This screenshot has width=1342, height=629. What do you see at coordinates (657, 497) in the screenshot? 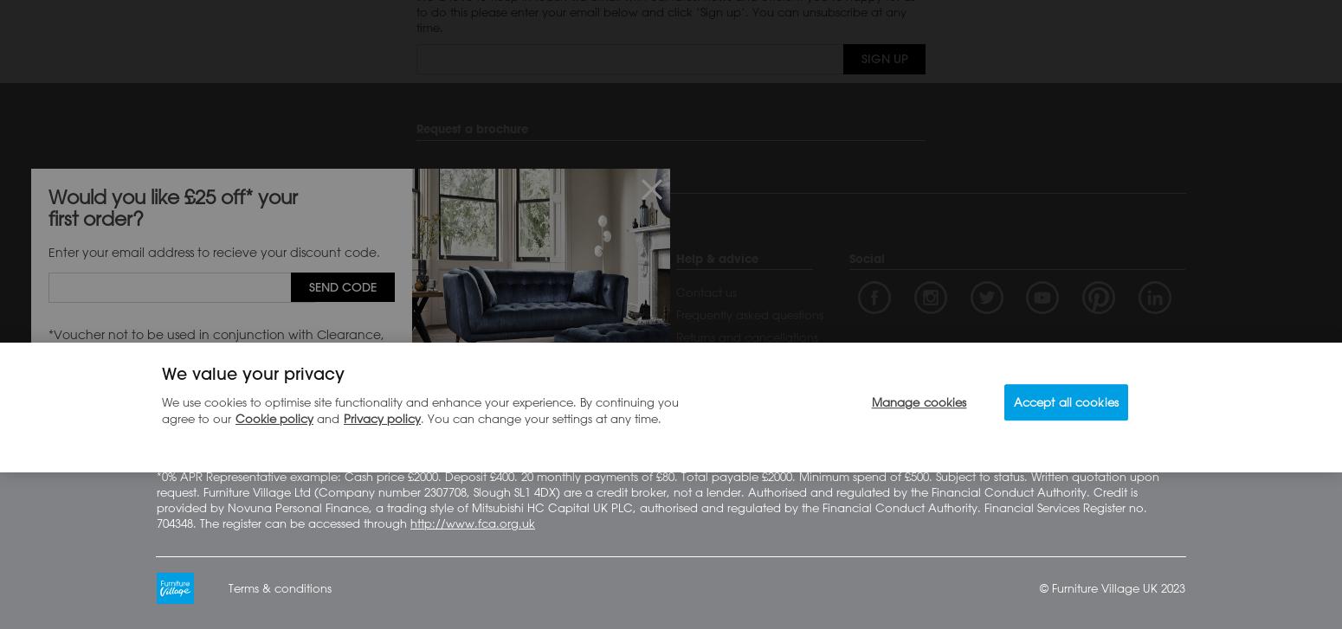
I see `'*0% APR Representative example: Cash price £2000. Deposit £400. 20 monthly payments
of £80. Total payable £2000. Minimum spend of £500. Subject to status. Written quotation
upon request. Furniture Village Ltd (Company number 2307708, Slough SL1 4DX) are a
credit broker, not a lender. Authorised and regulated by the Financial Conduct Authority. Credit
is provided by Novuna Personal Finance, a trading style of Mitsubishi HC Capital UK PLC, authorised and regulated by the
Financial Conduct Authority. Financial Services Register no. 704348. The register can be accessed through'` at bounding box center [657, 497].